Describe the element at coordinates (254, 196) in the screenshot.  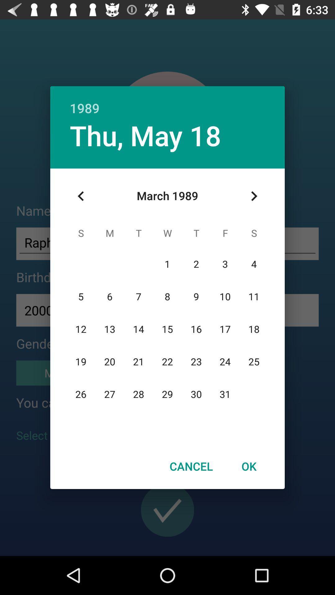
I see `the item above the ok button` at that location.